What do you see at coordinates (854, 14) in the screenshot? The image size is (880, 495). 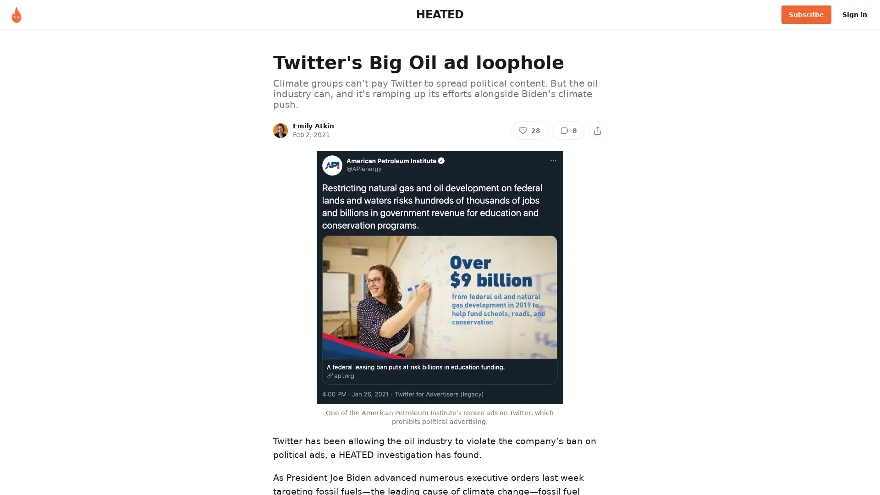 I see `Sign in` at bounding box center [854, 14].